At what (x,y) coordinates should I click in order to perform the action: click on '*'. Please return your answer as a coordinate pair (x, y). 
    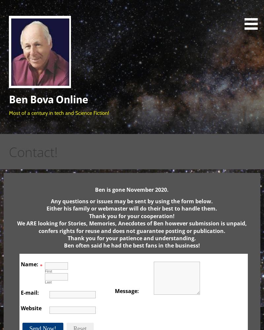
    Looking at the image, I should click on (41, 266).